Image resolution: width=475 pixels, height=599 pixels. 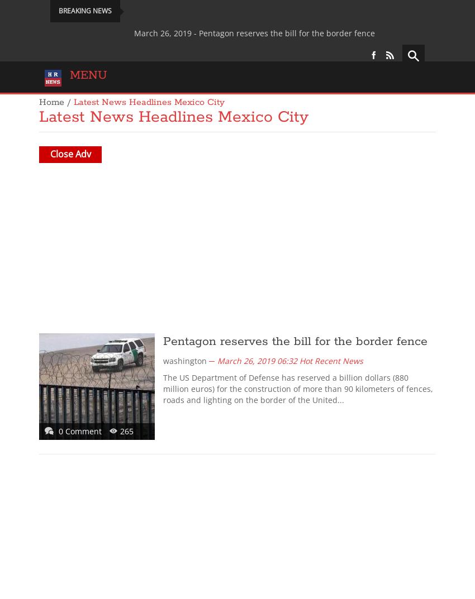 I want to click on 'March 26, 2019 06:32', so click(x=256, y=360).